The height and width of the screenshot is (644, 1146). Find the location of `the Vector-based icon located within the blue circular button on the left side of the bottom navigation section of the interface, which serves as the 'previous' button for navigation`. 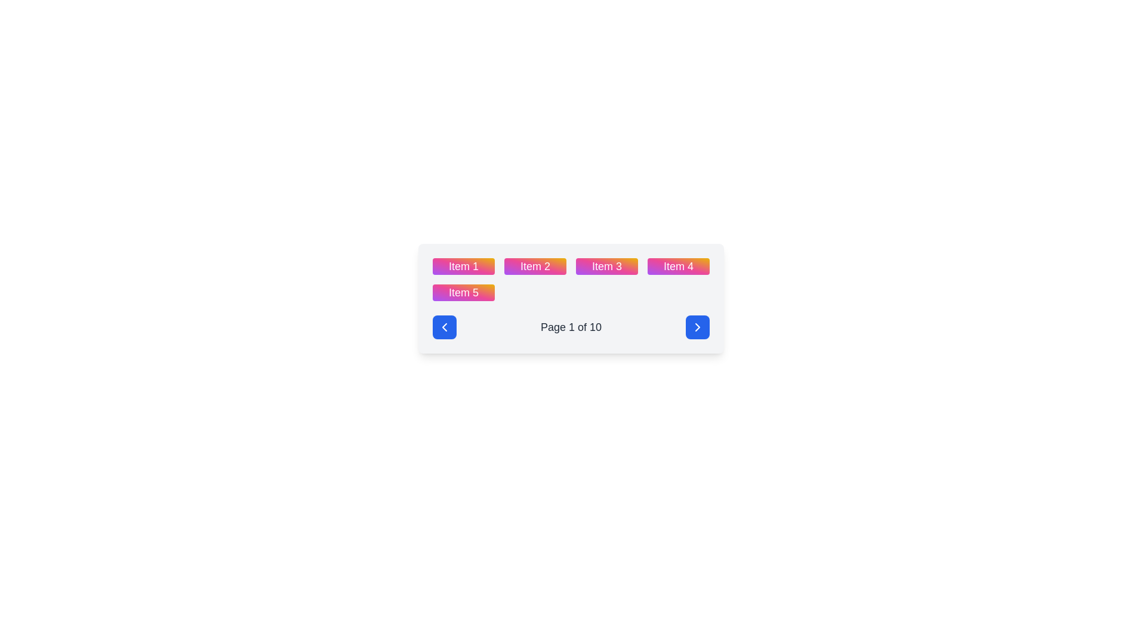

the Vector-based icon located within the blue circular button on the left side of the bottom navigation section of the interface, which serves as the 'previous' button for navigation is located at coordinates (443, 327).